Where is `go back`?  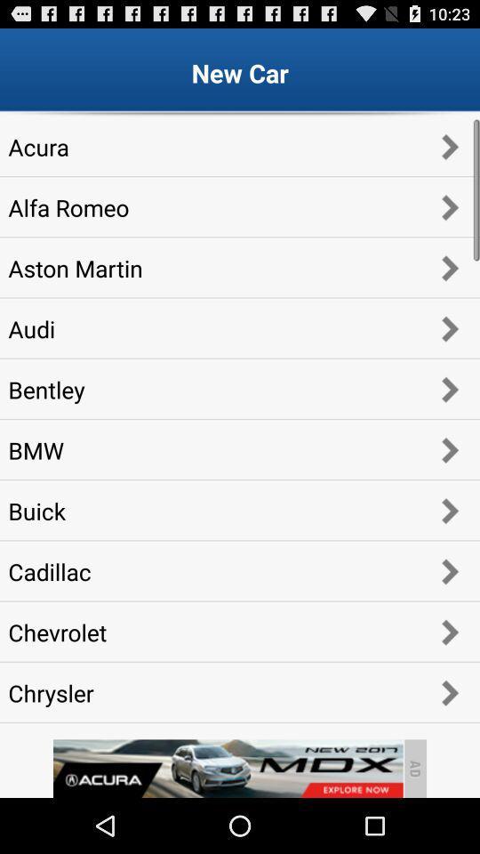
go back is located at coordinates (228, 768).